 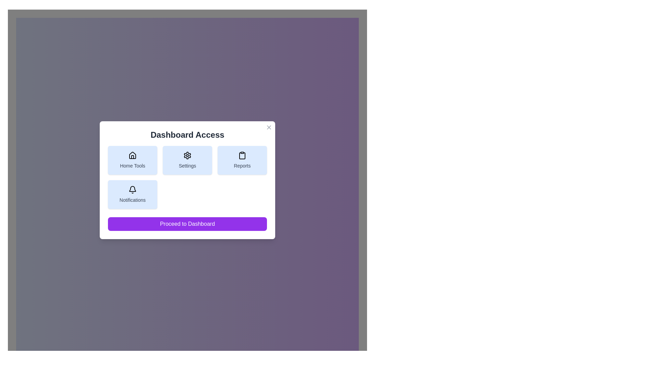 What do you see at coordinates (242, 156) in the screenshot?
I see `the clipboard icon within the 'Reports' button, which is the third button in a row at the upper part of the modal or card` at bounding box center [242, 156].